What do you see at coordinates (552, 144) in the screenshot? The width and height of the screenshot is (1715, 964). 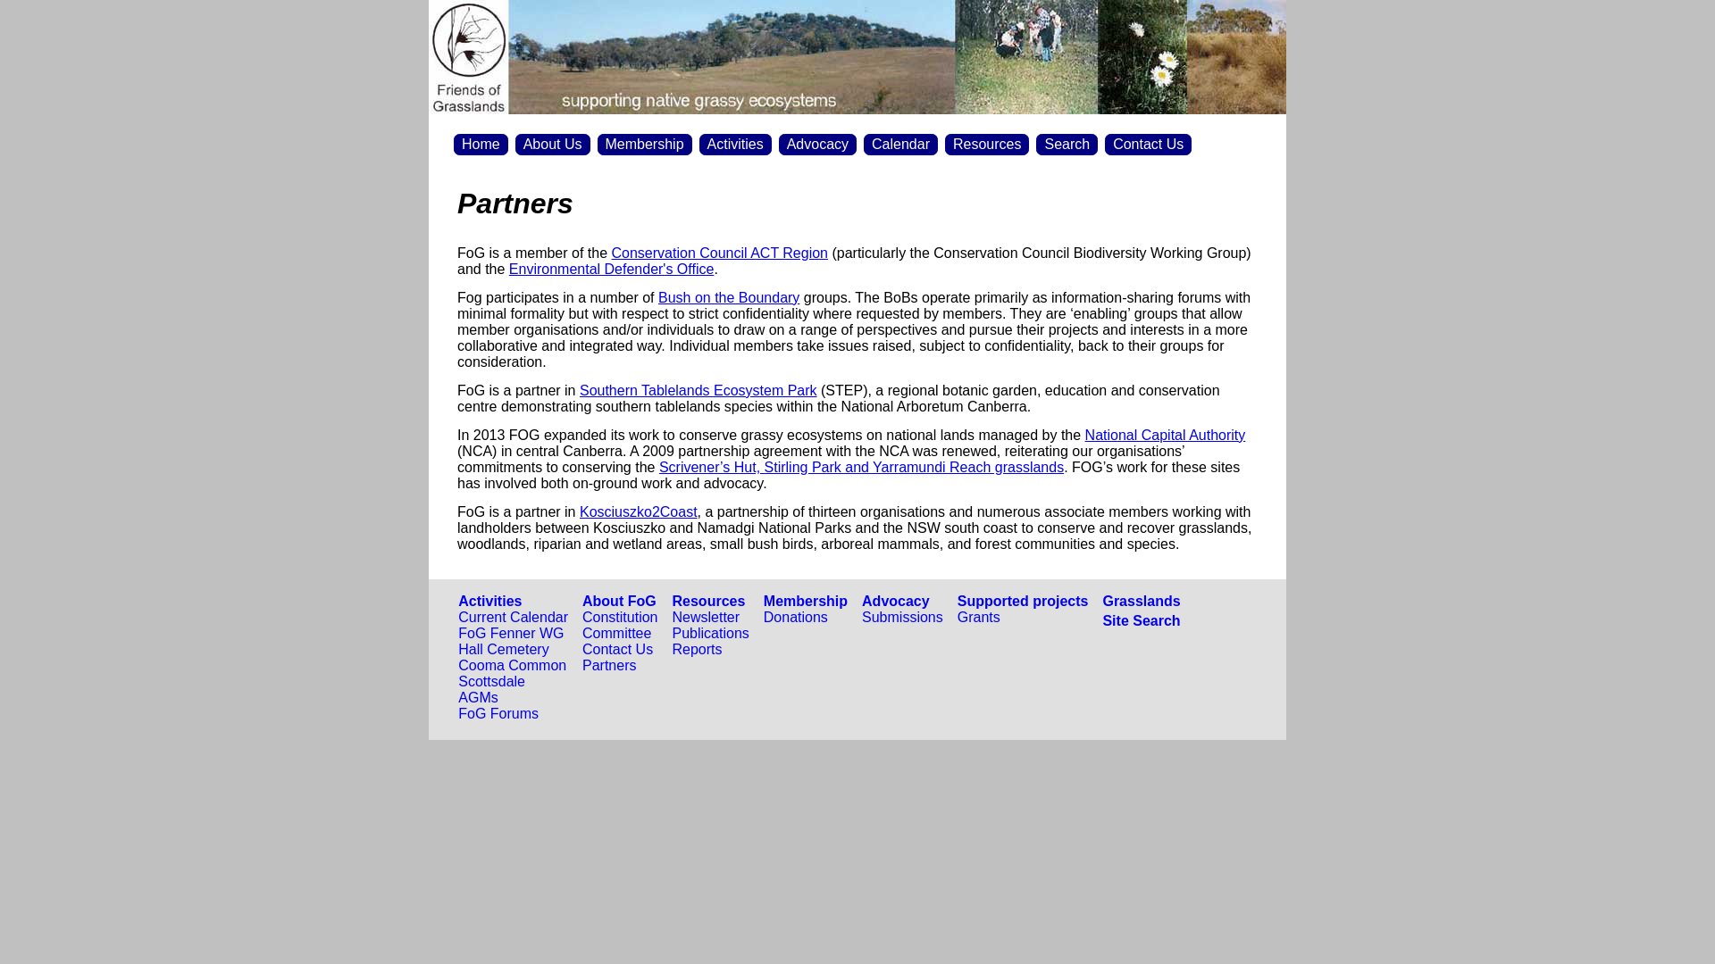 I see `'About Us'` at bounding box center [552, 144].